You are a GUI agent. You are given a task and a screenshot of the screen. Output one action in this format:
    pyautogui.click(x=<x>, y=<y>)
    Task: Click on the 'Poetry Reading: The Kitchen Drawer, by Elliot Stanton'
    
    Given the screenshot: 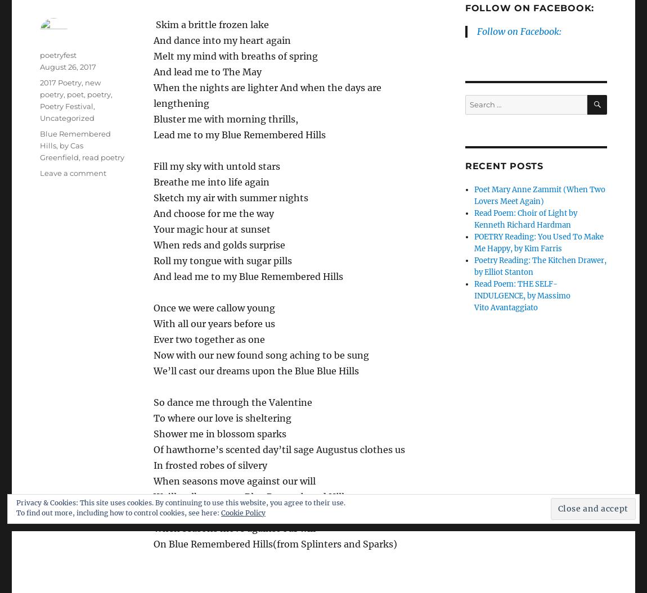 What is the action you would take?
    pyautogui.click(x=473, y=266)
    